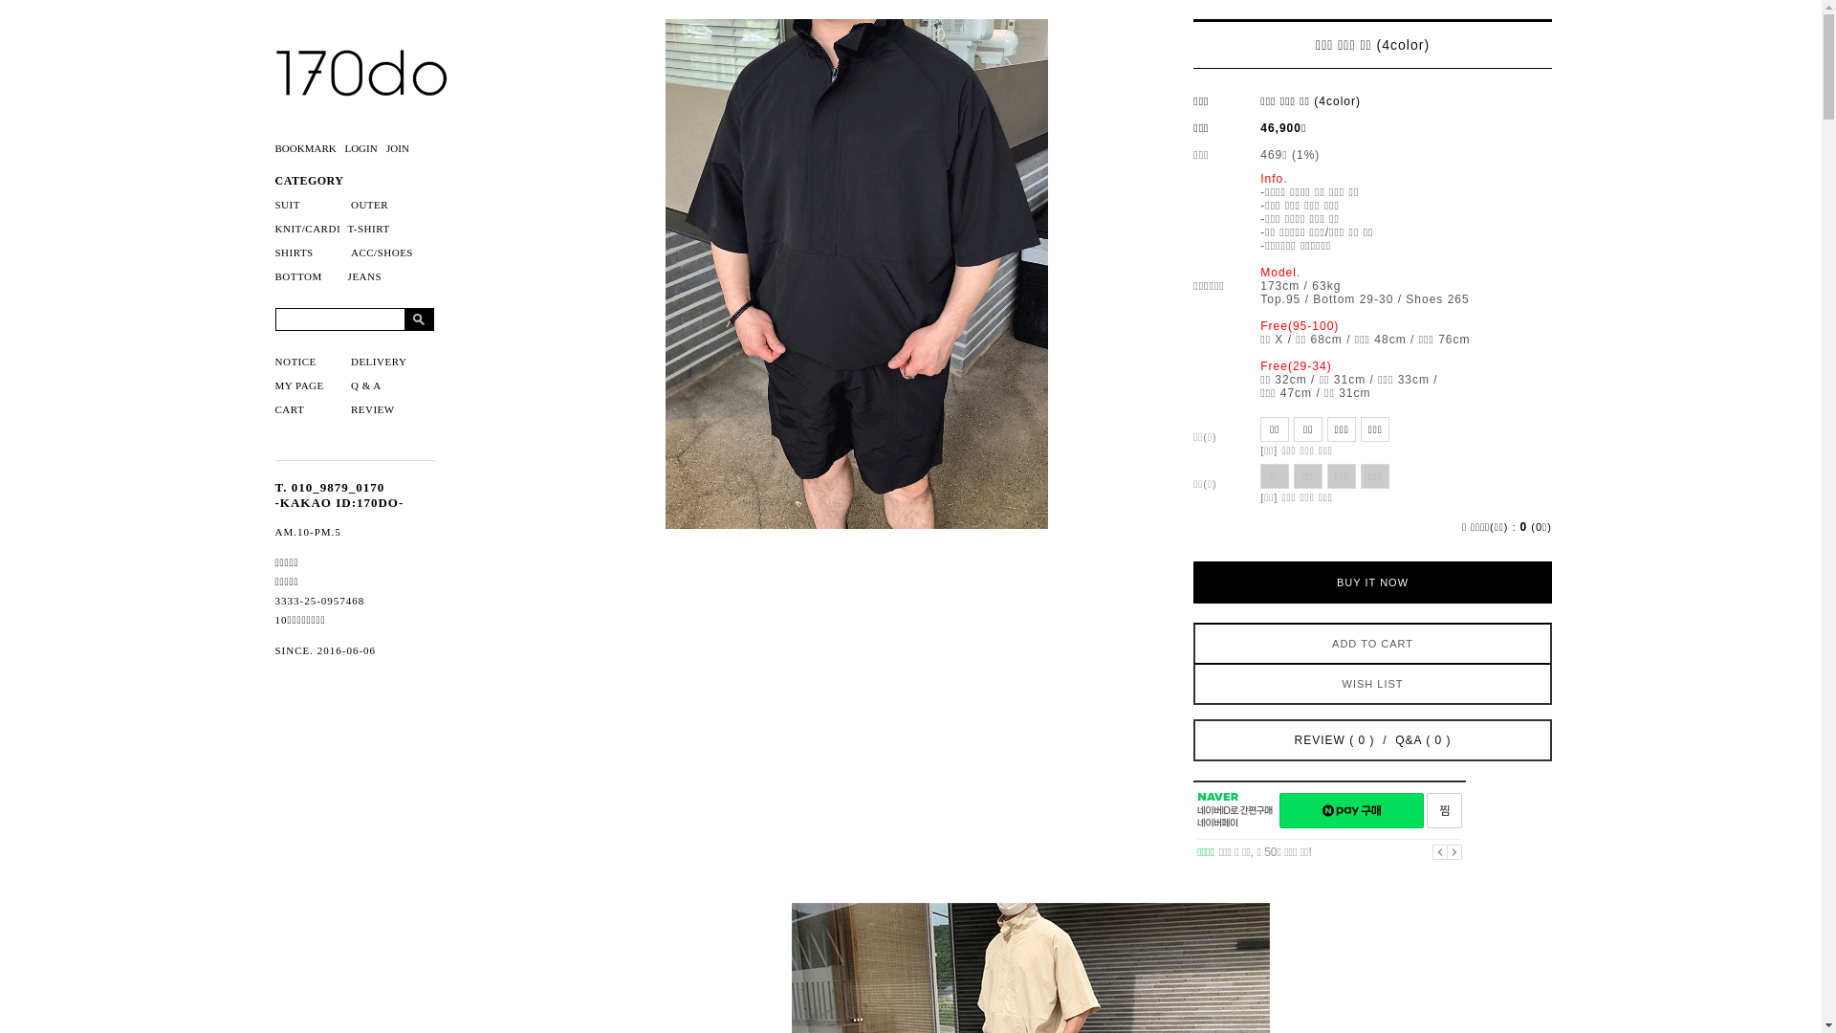 This screenshot has height=1033, width=1836. What do you see at coordinates (293, 251) in the screenshot?
I see `'SHIRTS'` at bounding box center [293, 251].